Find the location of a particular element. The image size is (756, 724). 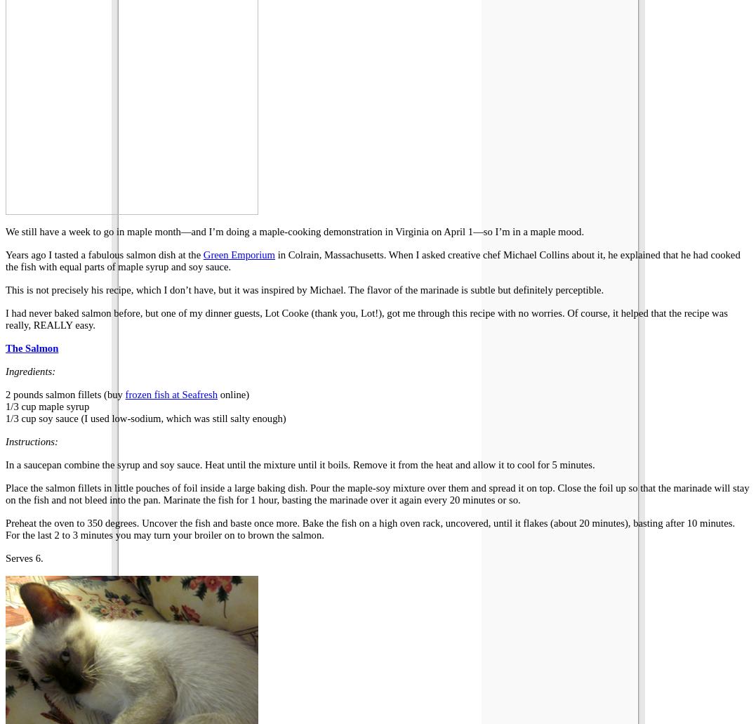

'Serves 6.' is located at coordinates (23, 556).